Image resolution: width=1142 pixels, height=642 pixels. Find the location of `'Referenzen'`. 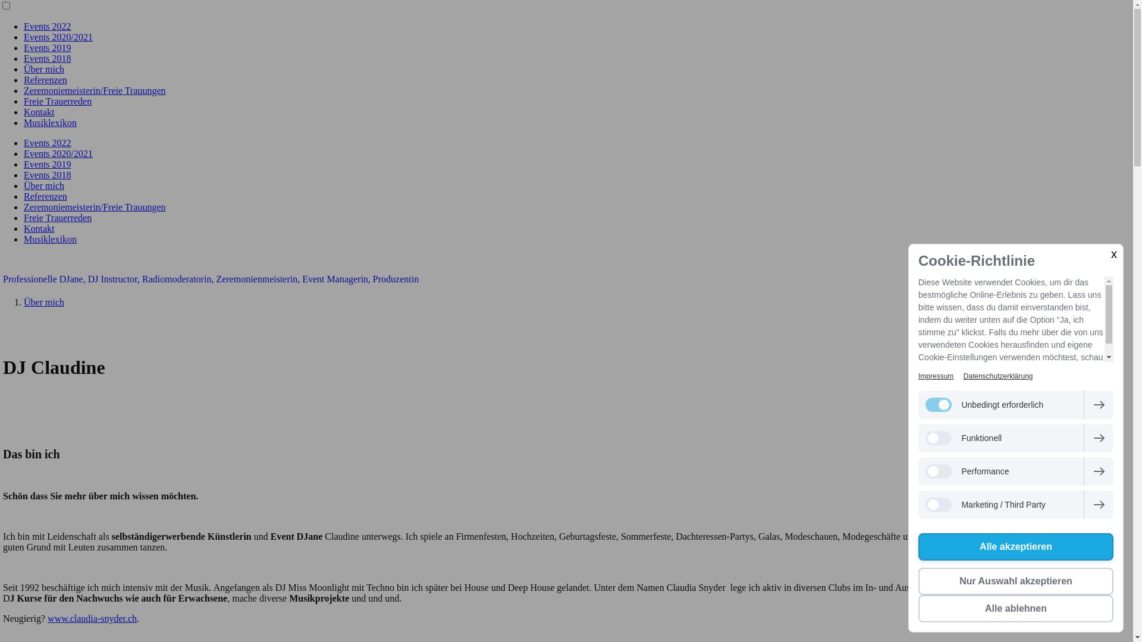

'Referenzen' is located at coordinates (45, 196).